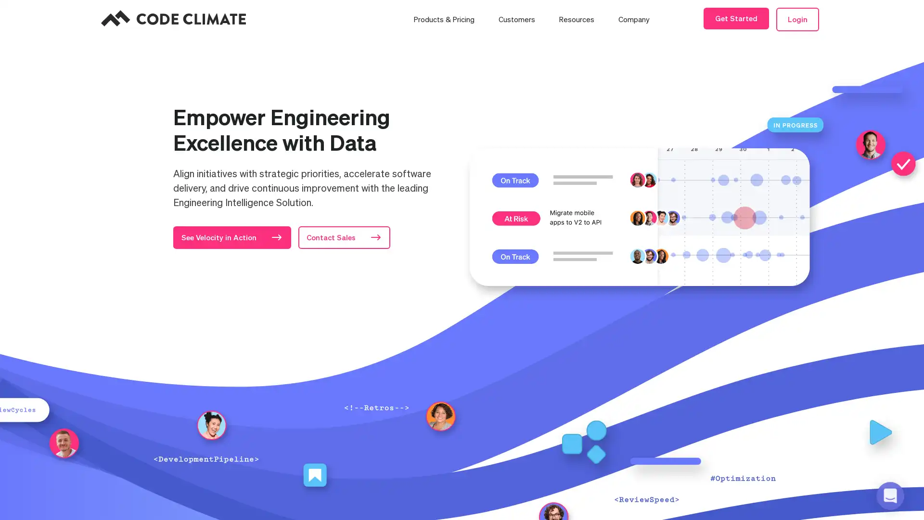 The image size is (924, 520). Describe the element at coordinates (889, 495) in the screenshot. I see `Open Intercom Messenger` at that location.